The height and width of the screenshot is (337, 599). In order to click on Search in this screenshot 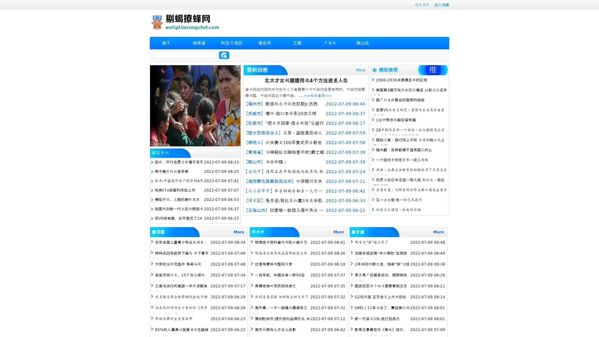, I will do `click(224, 55)`.